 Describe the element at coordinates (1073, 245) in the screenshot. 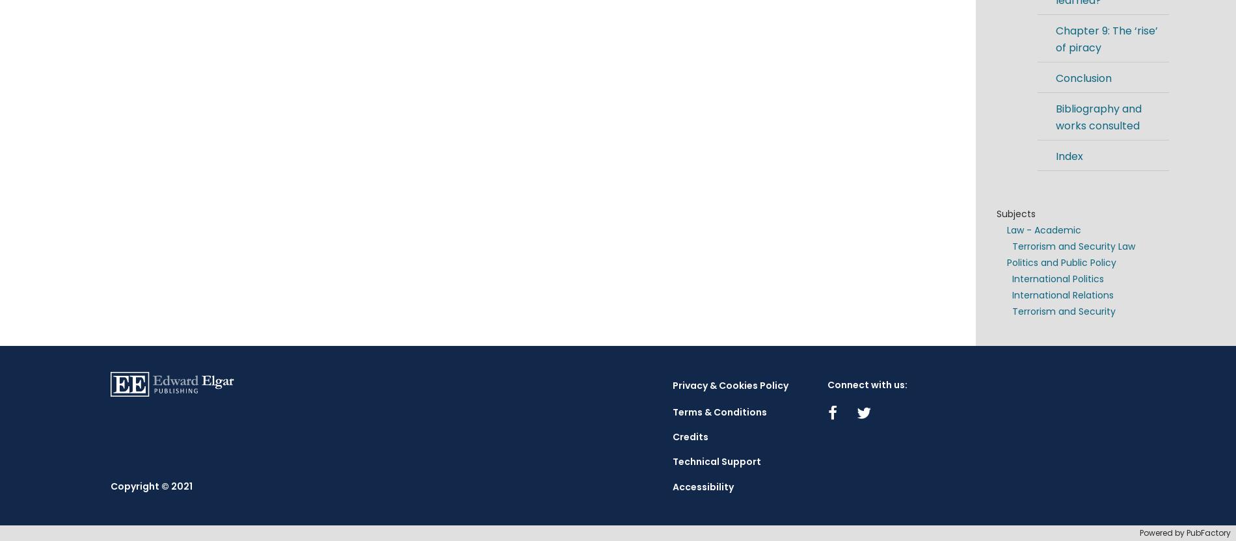

I see `'Terrorism and Security Law'` at that location.